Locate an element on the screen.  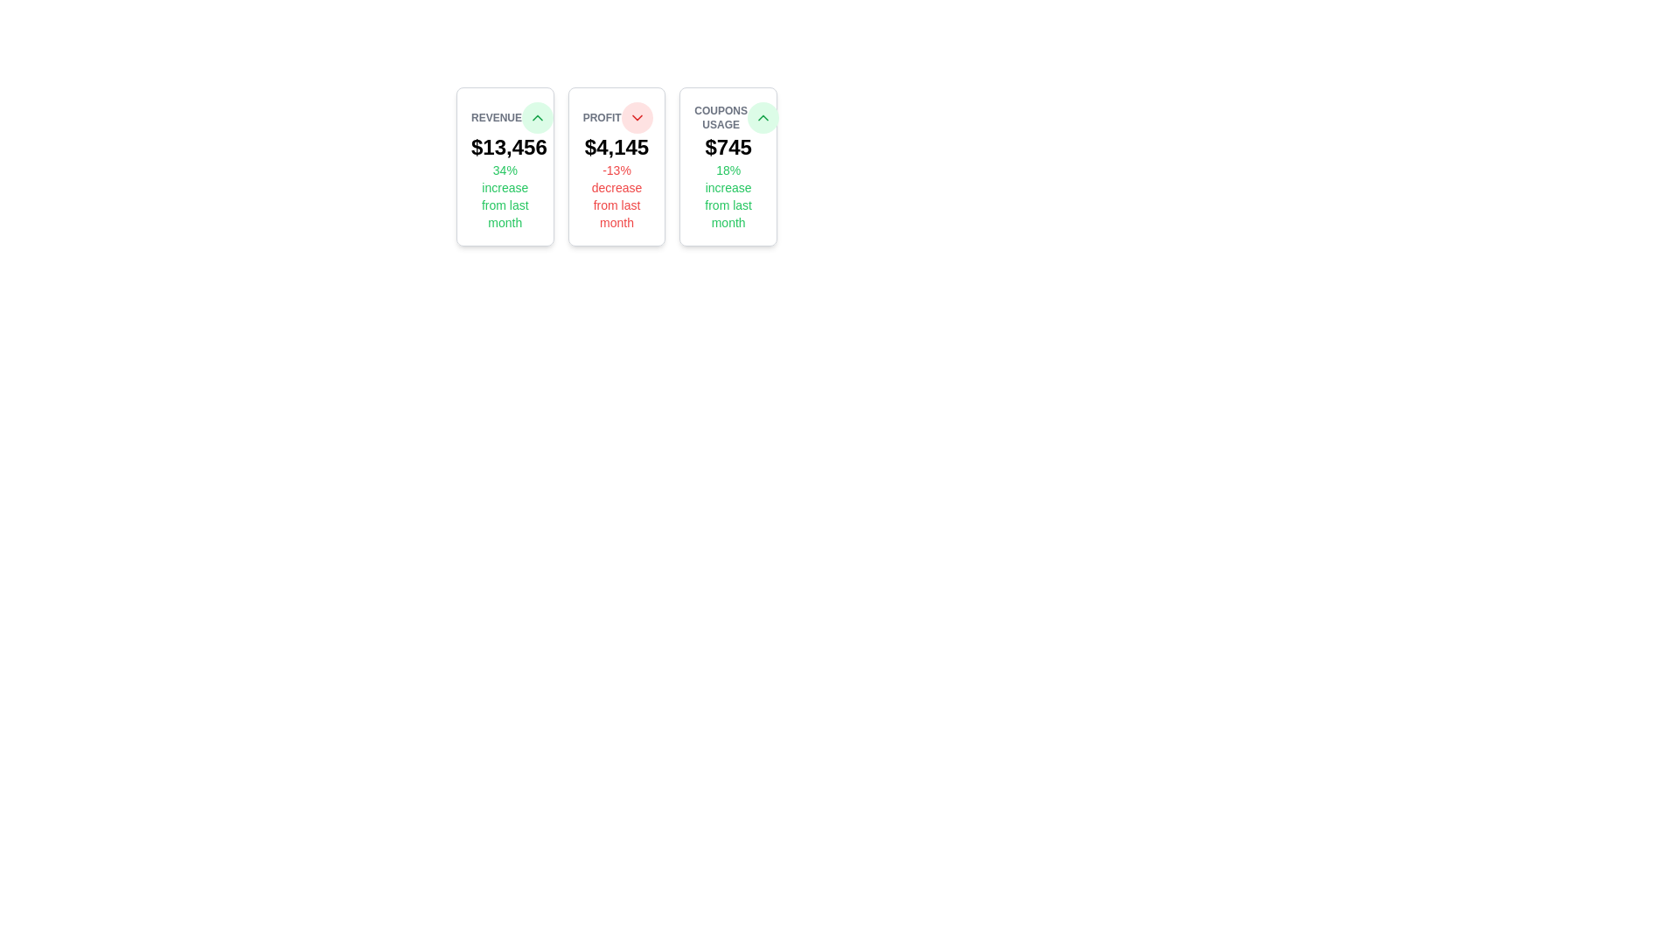
the revenue amount text label located in the upper section of the card labeled 'REVENUE', which is aligned to the leftmost position in a horizontal set of three cards is located at coordinates (504, 147).